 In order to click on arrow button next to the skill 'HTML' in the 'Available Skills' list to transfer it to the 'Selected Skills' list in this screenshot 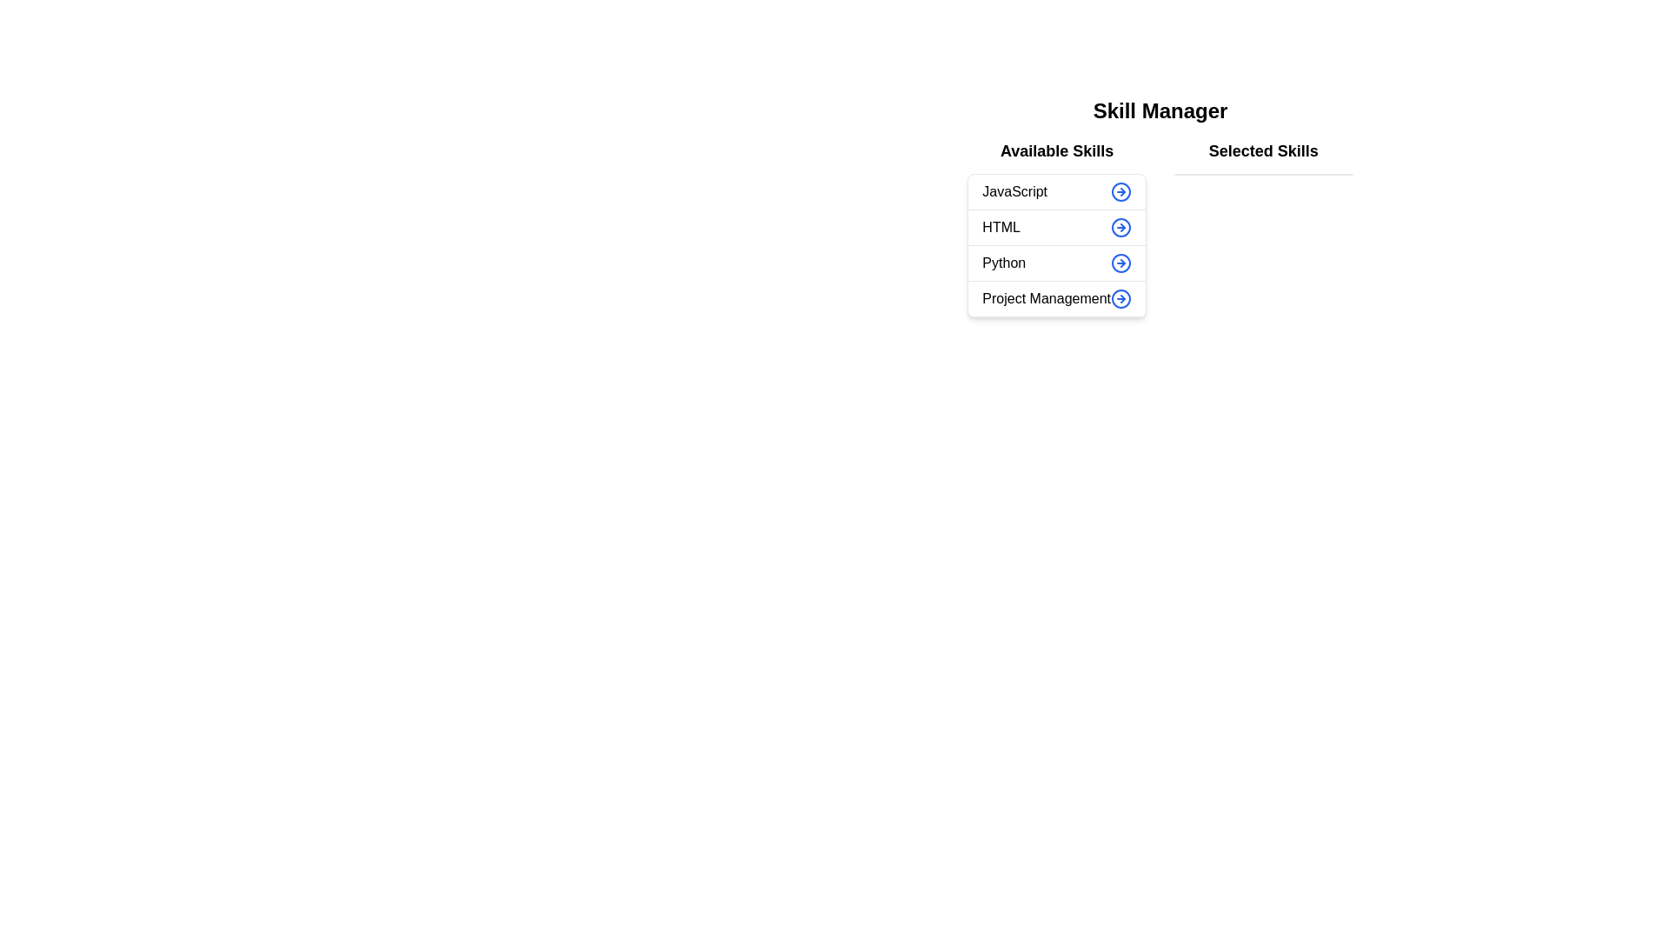, I will do `click(1121, 227)`.